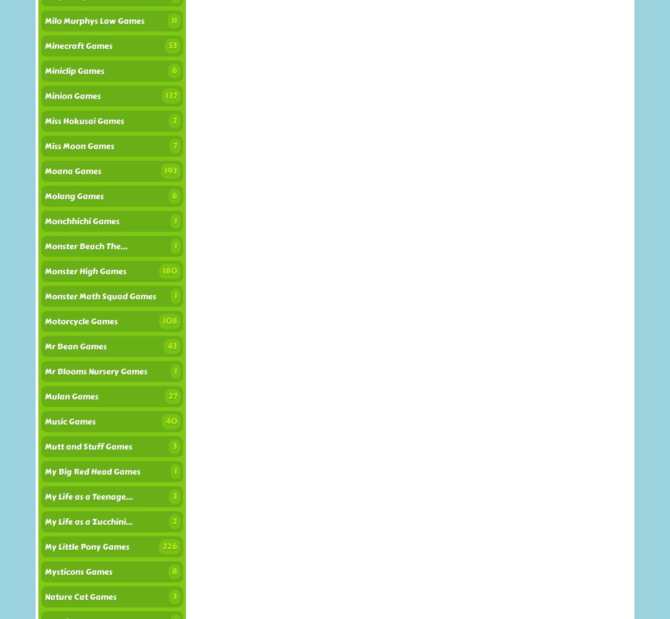 This screenshot has height=619, width=670. I want to click on 'Monster Beach The...', so click(86, 246).